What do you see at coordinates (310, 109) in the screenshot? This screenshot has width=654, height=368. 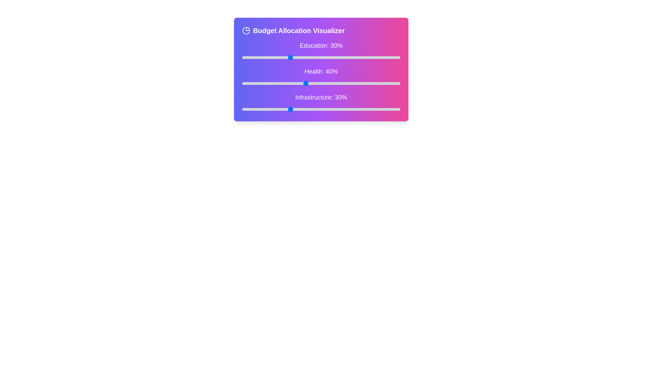 I see `'Infrastructure' percentage` at bounding box center [310, 109].